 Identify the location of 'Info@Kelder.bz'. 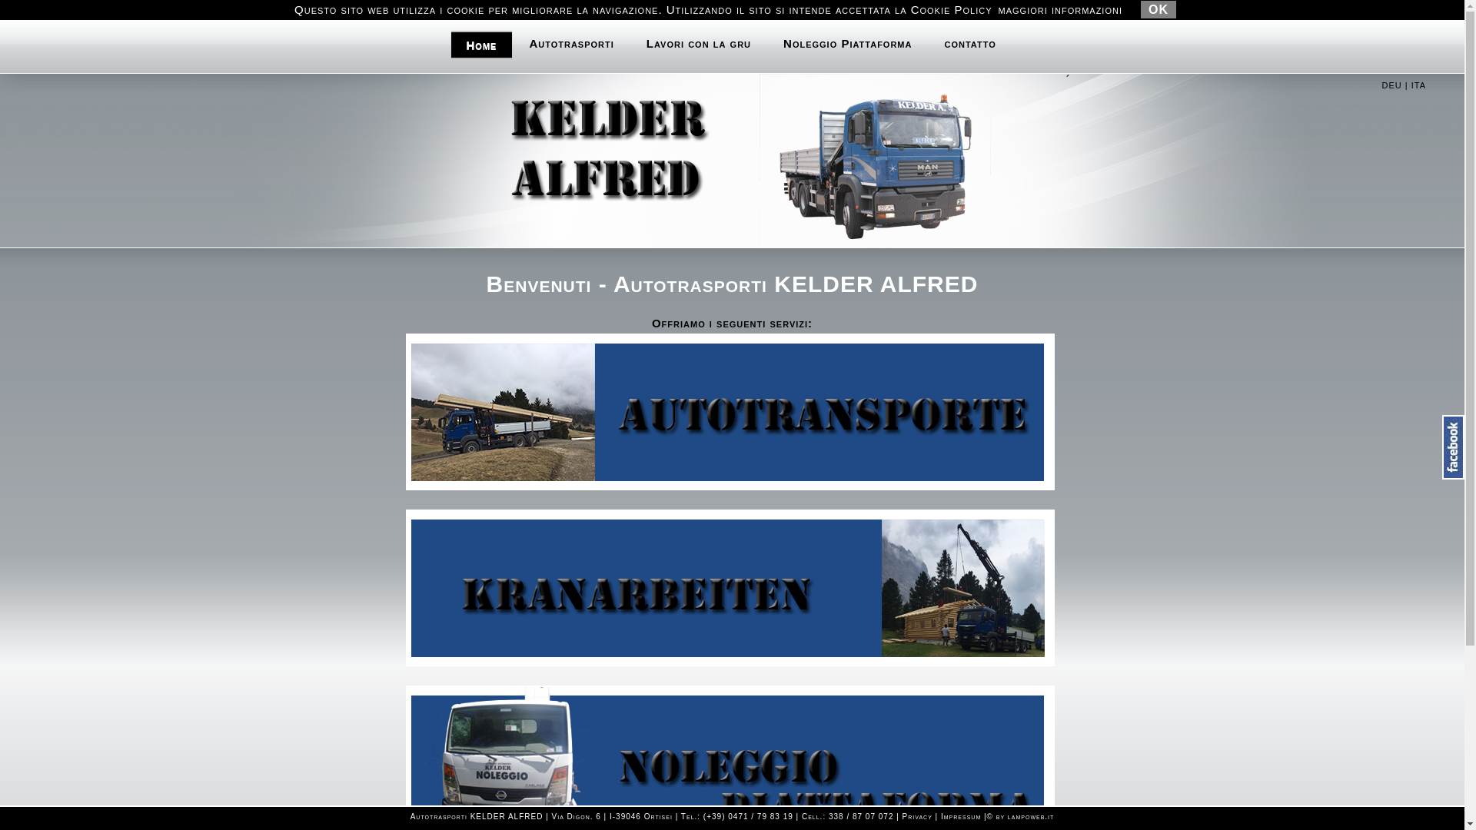
(966, 8).